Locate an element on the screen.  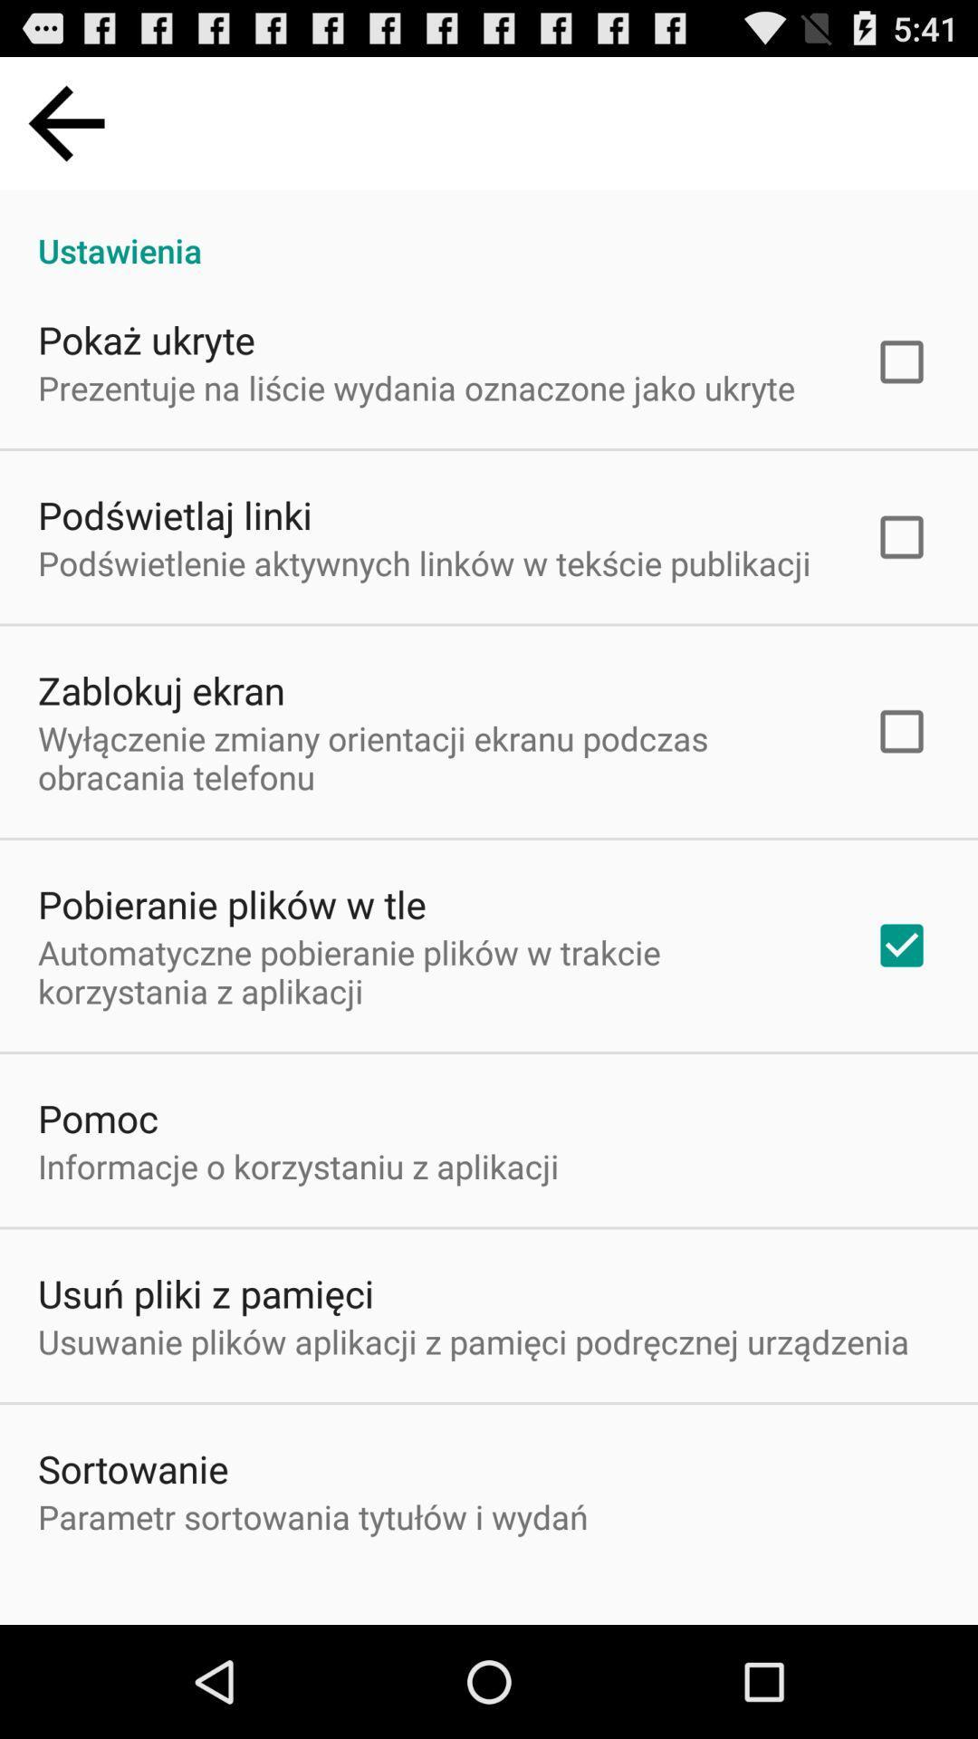
the pomoc is located at coordinates (98, 1117).